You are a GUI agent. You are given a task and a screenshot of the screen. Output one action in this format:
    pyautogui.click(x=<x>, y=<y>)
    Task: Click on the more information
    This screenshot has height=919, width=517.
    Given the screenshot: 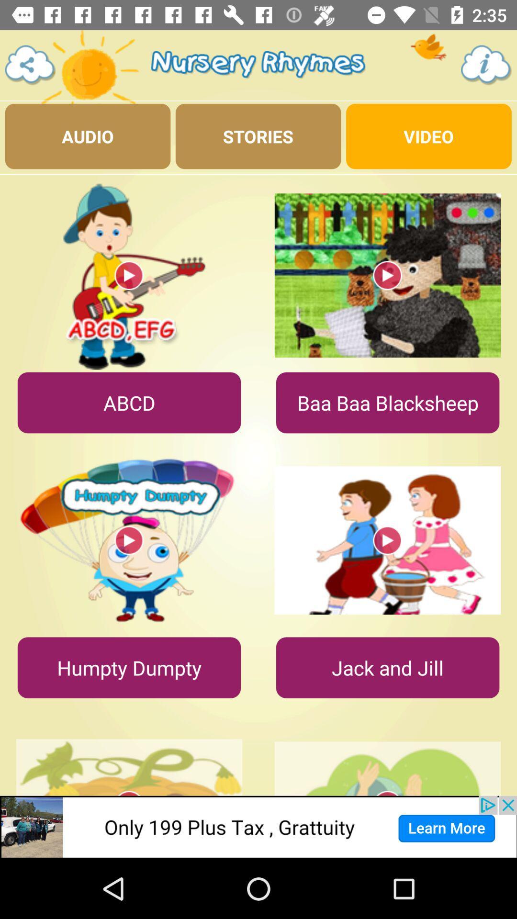 What is the action you would take?
    pyautogui.click(x=486, y=65)
    